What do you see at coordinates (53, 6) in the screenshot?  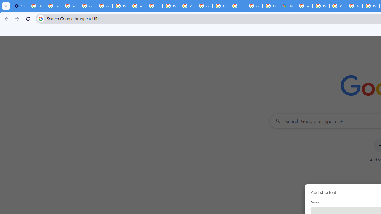 I see `'Learn how to find your photos - Google Photos Help'` at bounding box center [53, 6].